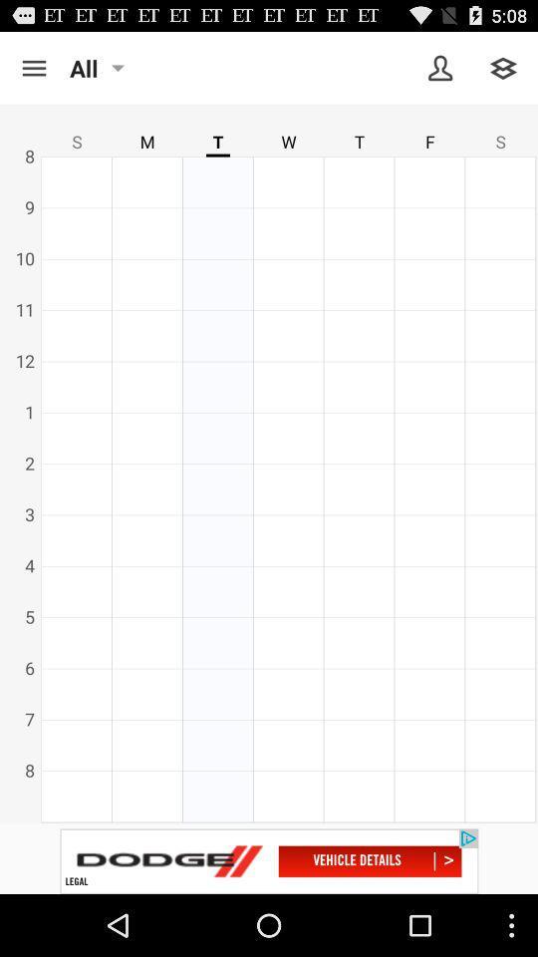 The width and height of the screenshot is (538, 957). What do you see at coordinates (440, 68) in the screenshot?
I see `profile` at bounding box center [440, 68].